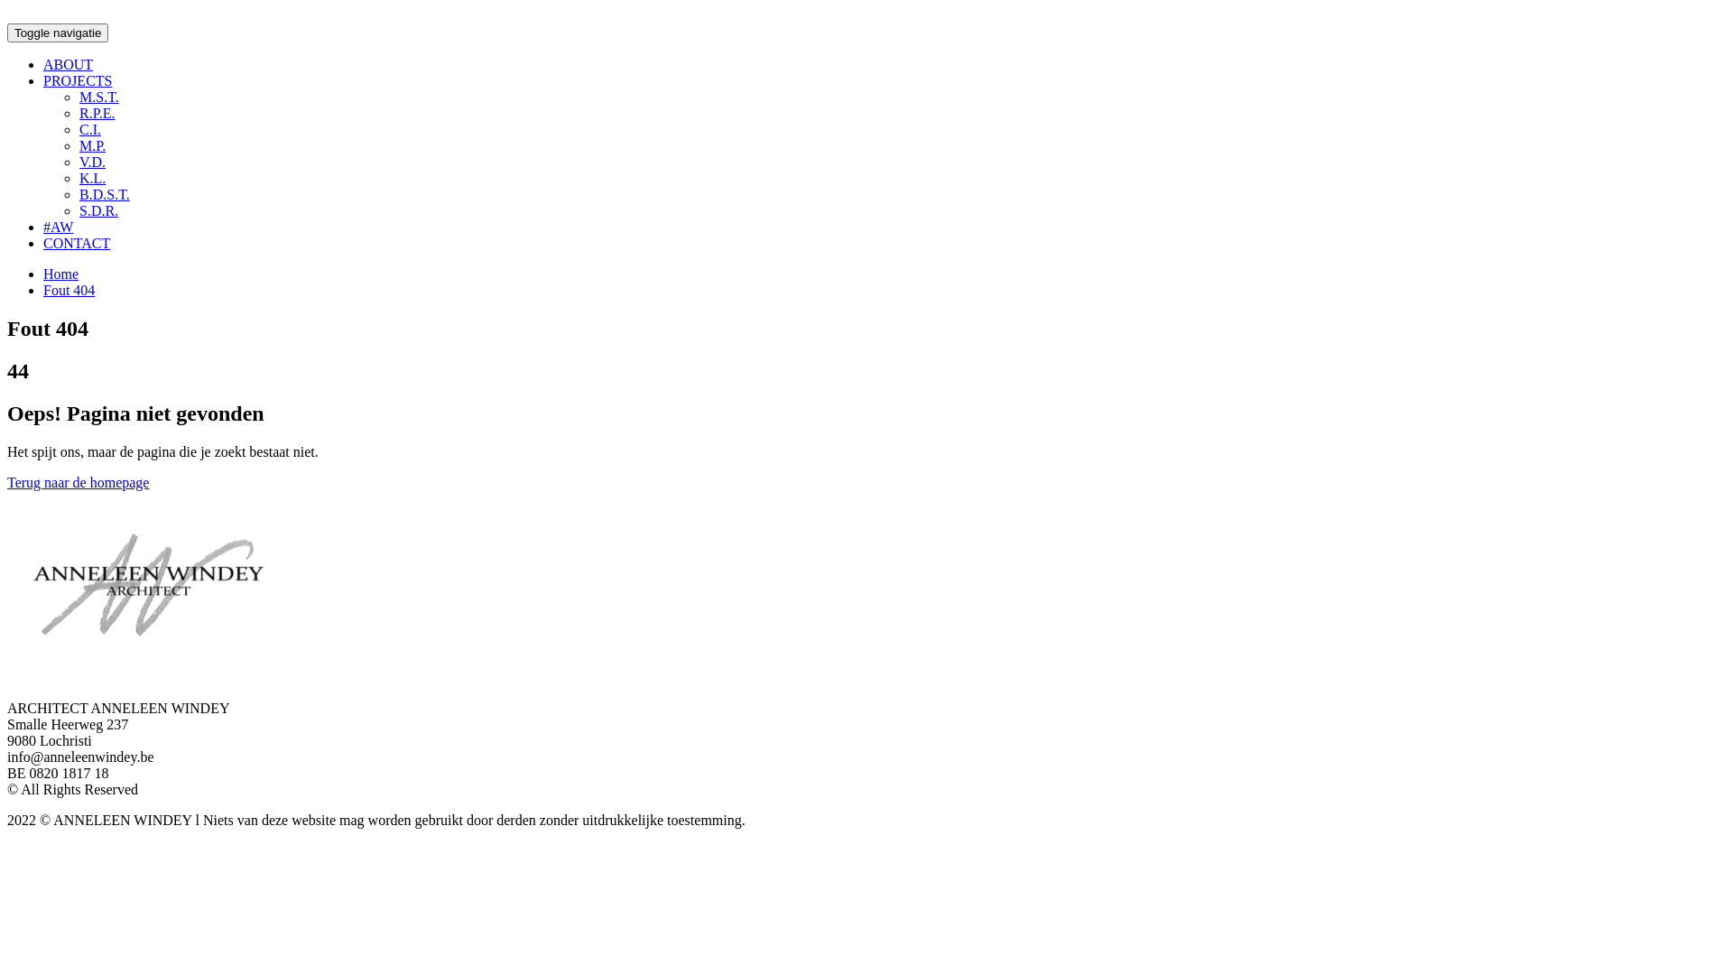  What do you see at coordinates (78, 209) in the screenshot?
I see `'S.D.R.'` at bounding box center [78, 209].